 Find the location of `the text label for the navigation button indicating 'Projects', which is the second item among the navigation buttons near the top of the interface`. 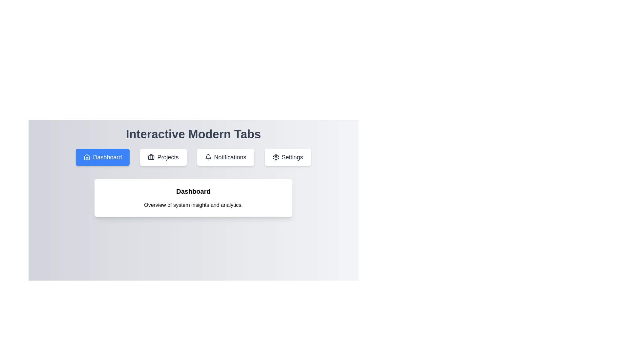

the text label for the navigation button indicating 'Projects', which is the second item among the navigation buttons near the top of the interface is located at coordinates (168, 157).